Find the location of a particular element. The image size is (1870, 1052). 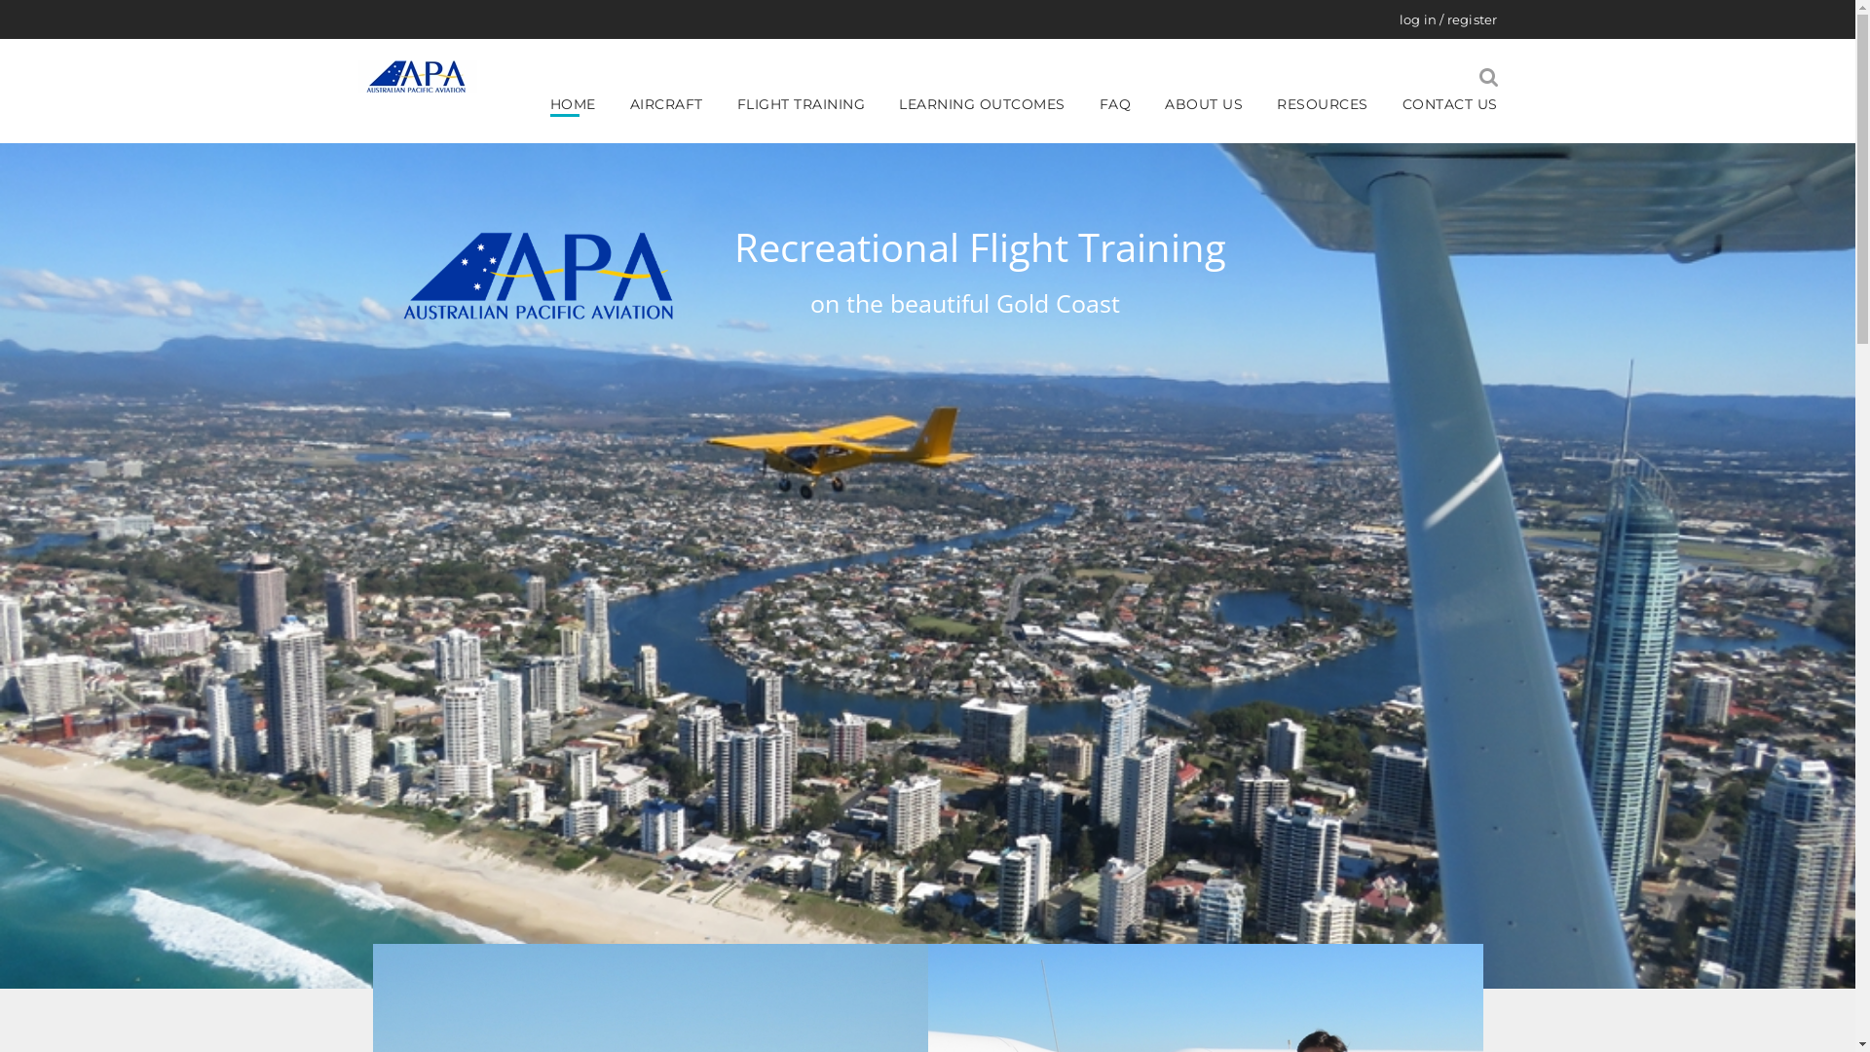

'RESOURCES' is located at coordinates (1276, 104).